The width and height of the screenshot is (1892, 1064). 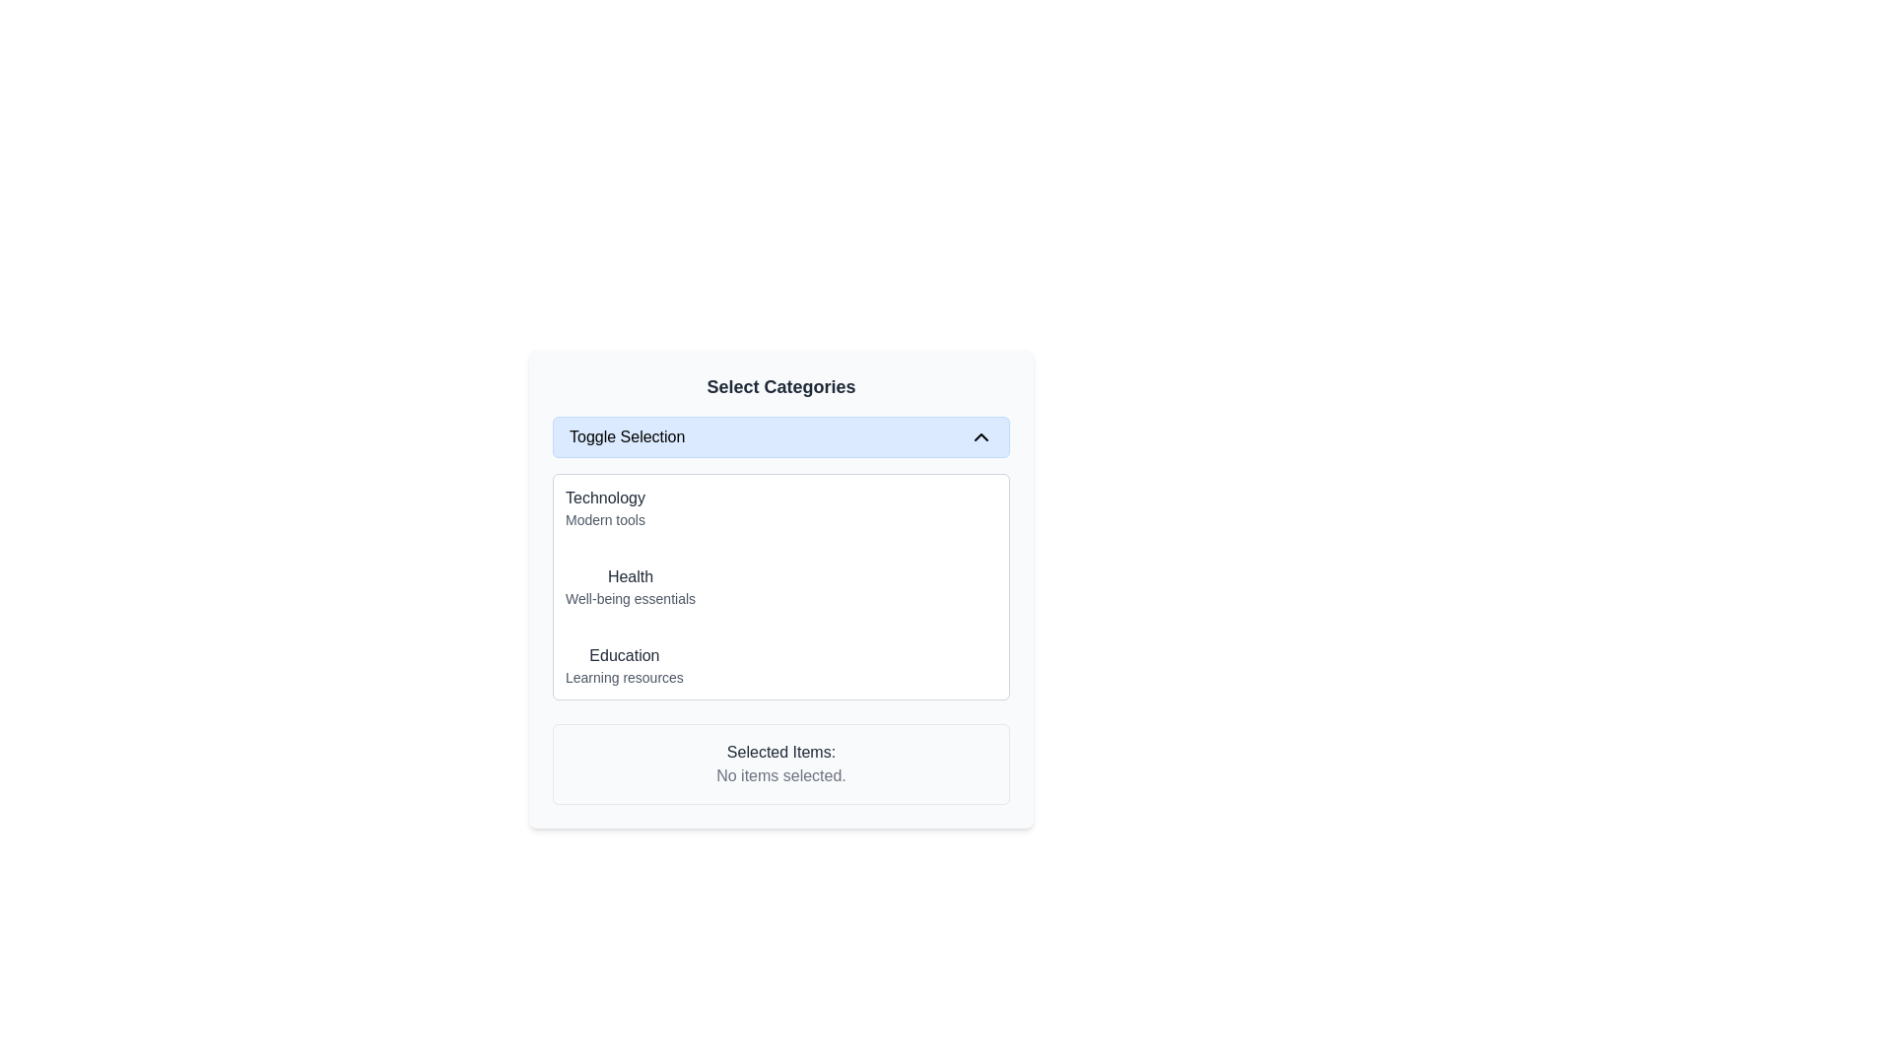 I want to click on the 'Health' text element, which is part of the 'Select Categories' list and is positioned between 'Technology' and 'Education', so click(x=629, y=586).